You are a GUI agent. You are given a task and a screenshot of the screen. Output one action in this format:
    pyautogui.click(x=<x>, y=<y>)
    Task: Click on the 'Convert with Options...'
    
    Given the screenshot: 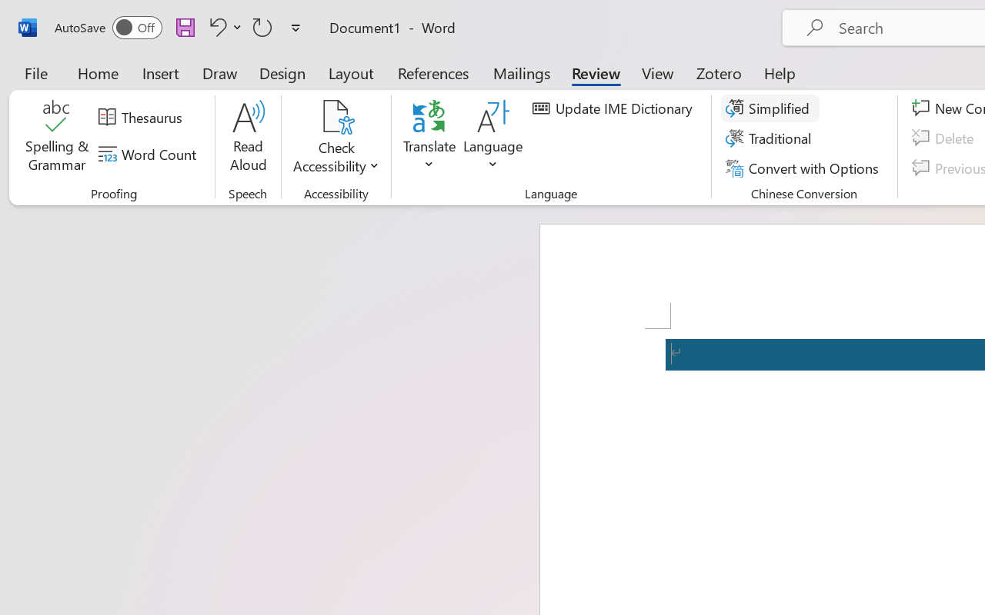 What is the action you would take?
    pyautogui.click(x=803, y=168)
    